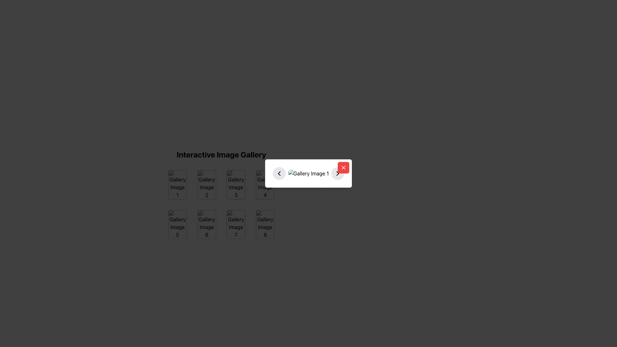 The image size is (617, 347). I want to click on the Image Thumbnail representing 'Gallery Image 5', so click(177, 224).